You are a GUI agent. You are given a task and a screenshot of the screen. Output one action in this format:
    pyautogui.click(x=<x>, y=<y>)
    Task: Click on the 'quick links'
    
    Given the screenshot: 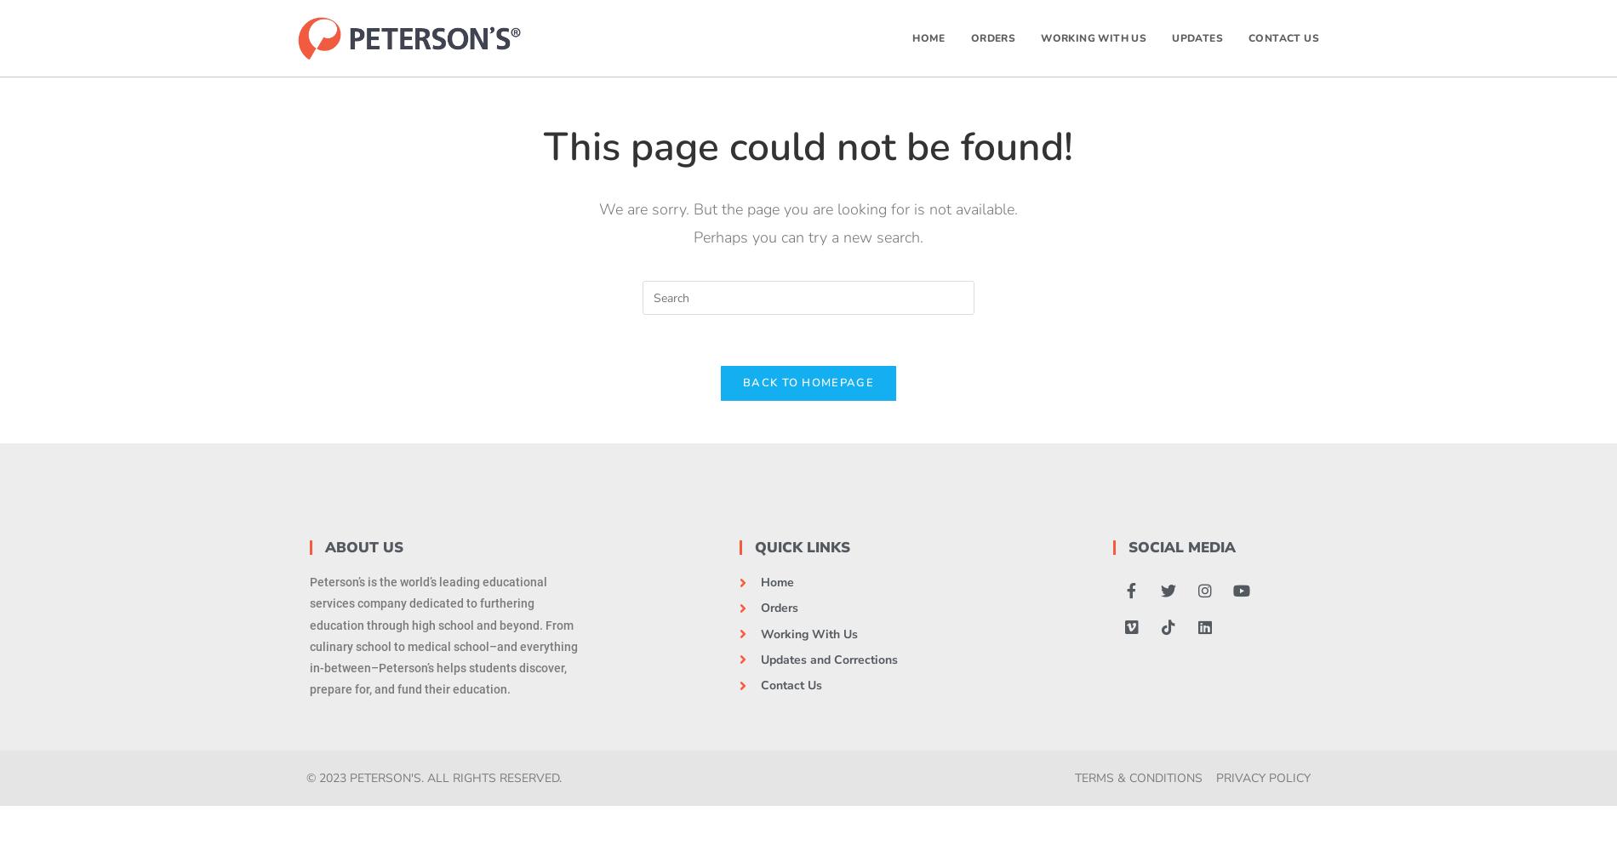 What is the action you would take?
    pyautogui.click(x=801, y=547)
    